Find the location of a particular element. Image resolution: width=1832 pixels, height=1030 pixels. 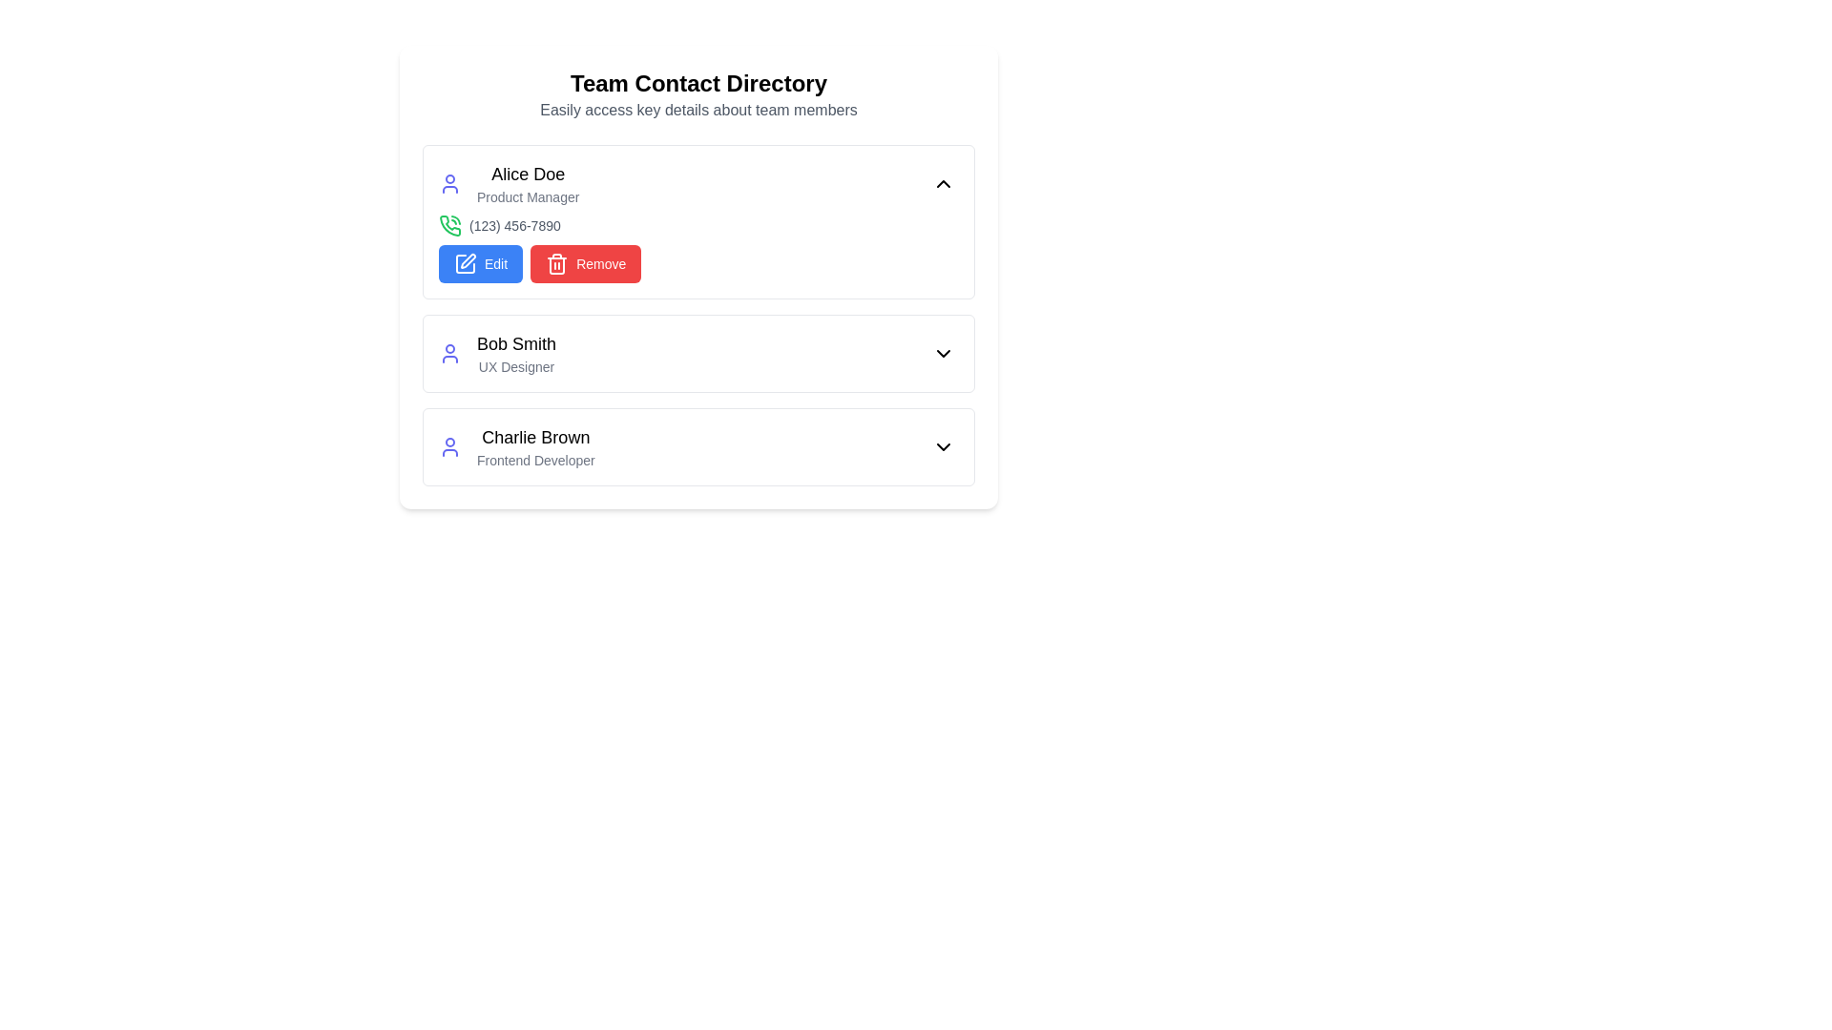

the name 'Charlie Brown' in the Team Contact Directory is located at coordinates (516, 447).